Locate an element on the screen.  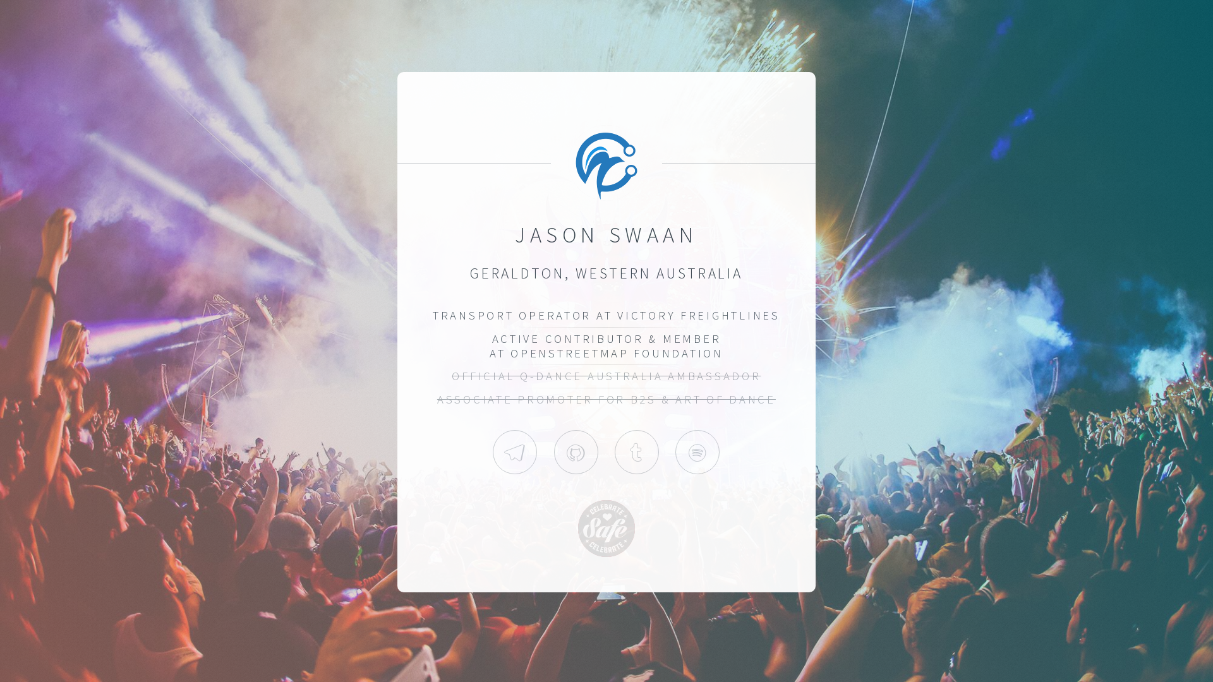
'SPOTIFY' is located at coordinates (697, 452).